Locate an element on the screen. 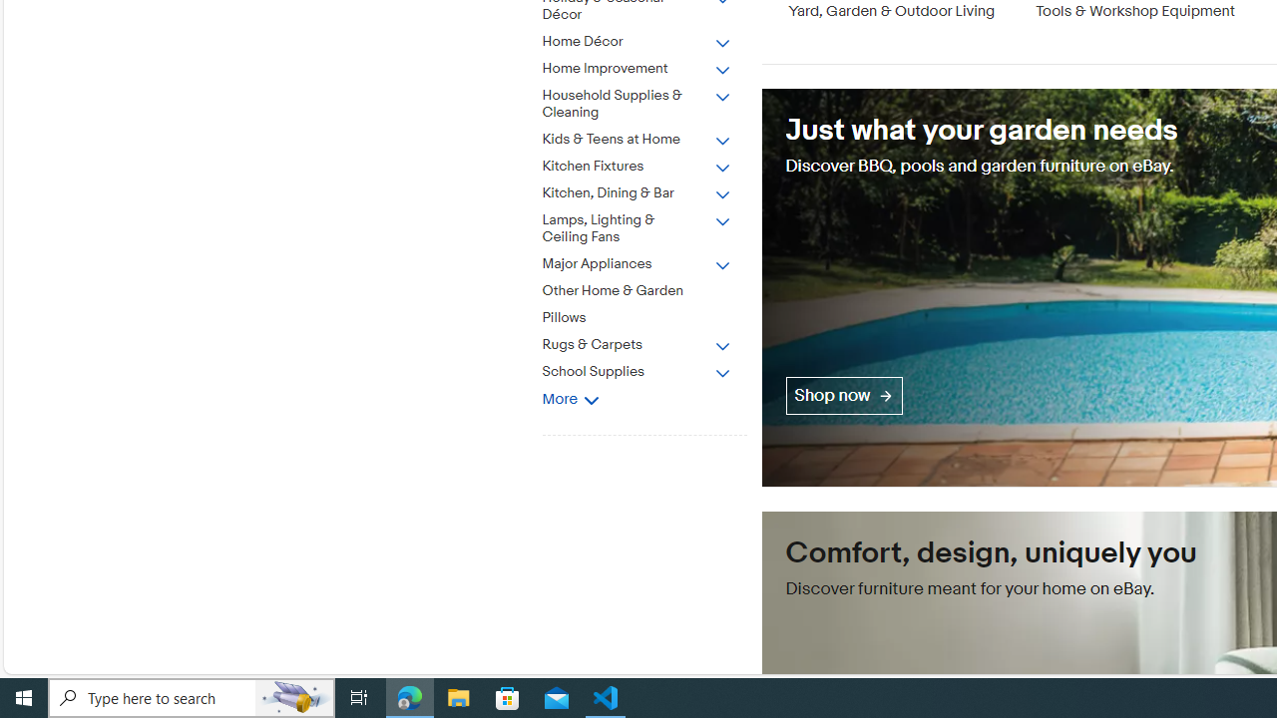 This screenshot has width=1277, height=718. 'Kids & Teens at Home' is located at coordinates (651, 135).